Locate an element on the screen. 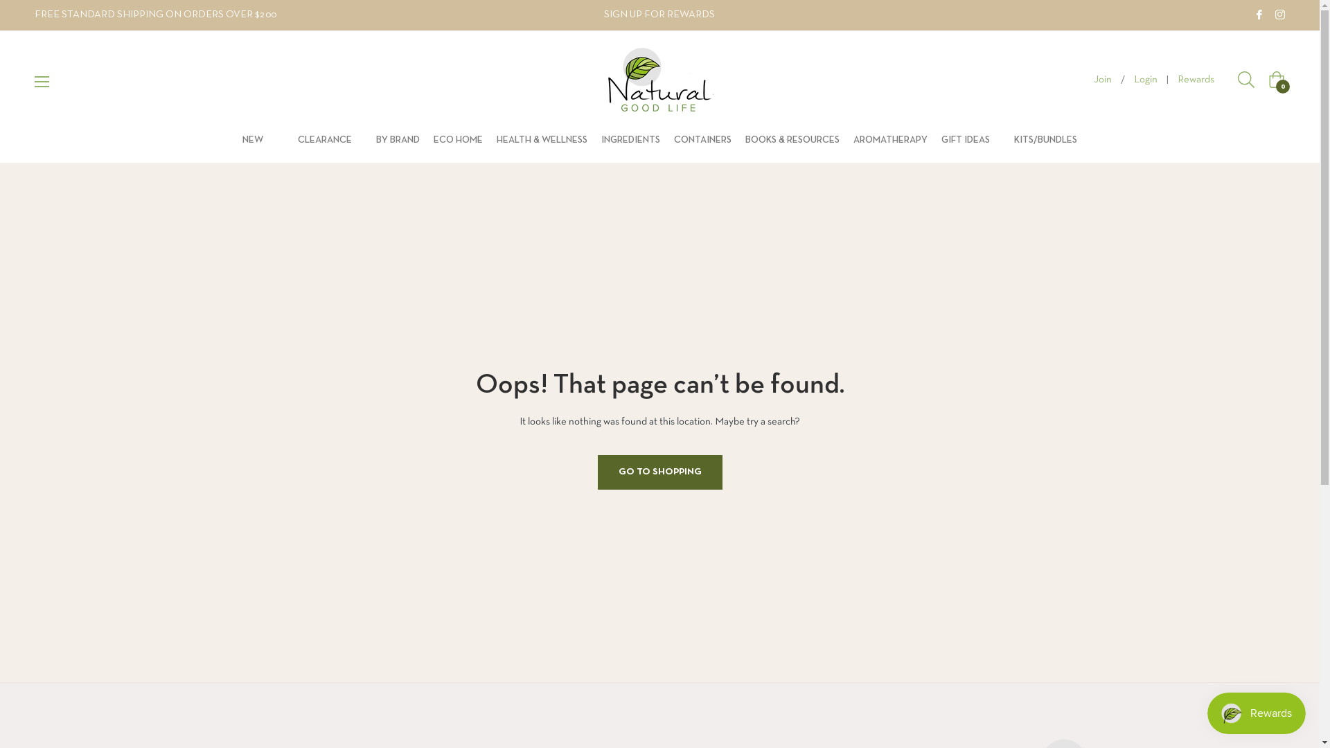 The width and height of the screenshot is (1330, 748). 'Natural Good Life on Facebook' is located at coordinates (1259, 14).